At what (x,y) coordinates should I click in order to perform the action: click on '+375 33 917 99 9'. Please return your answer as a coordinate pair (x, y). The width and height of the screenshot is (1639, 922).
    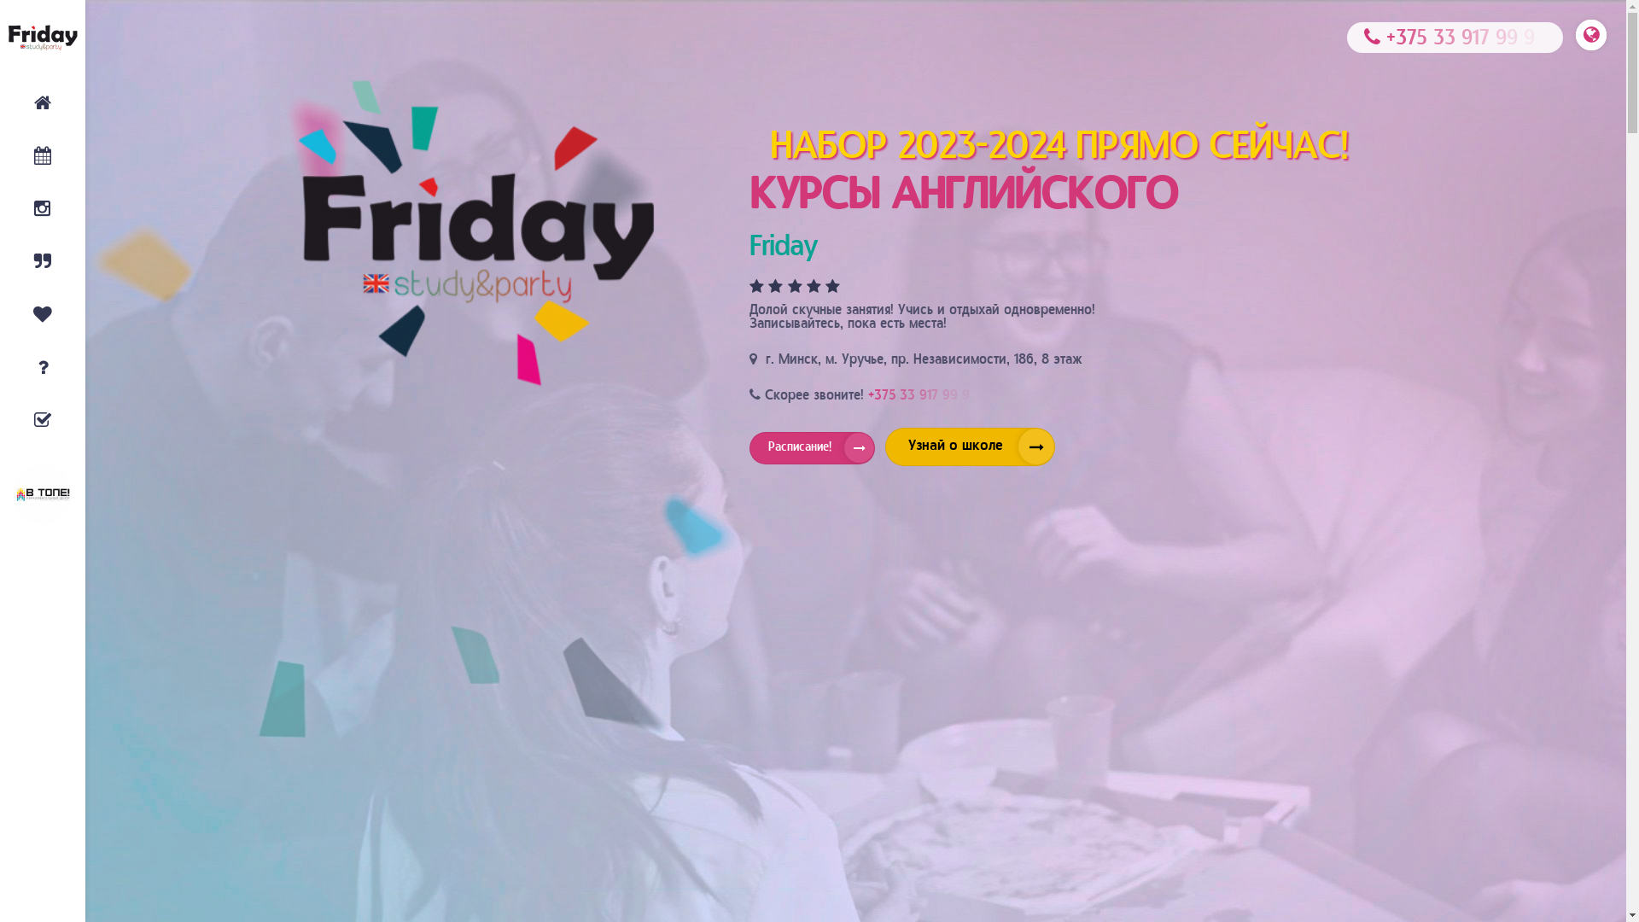
    Looking at the image, I should click on (1454, 37).